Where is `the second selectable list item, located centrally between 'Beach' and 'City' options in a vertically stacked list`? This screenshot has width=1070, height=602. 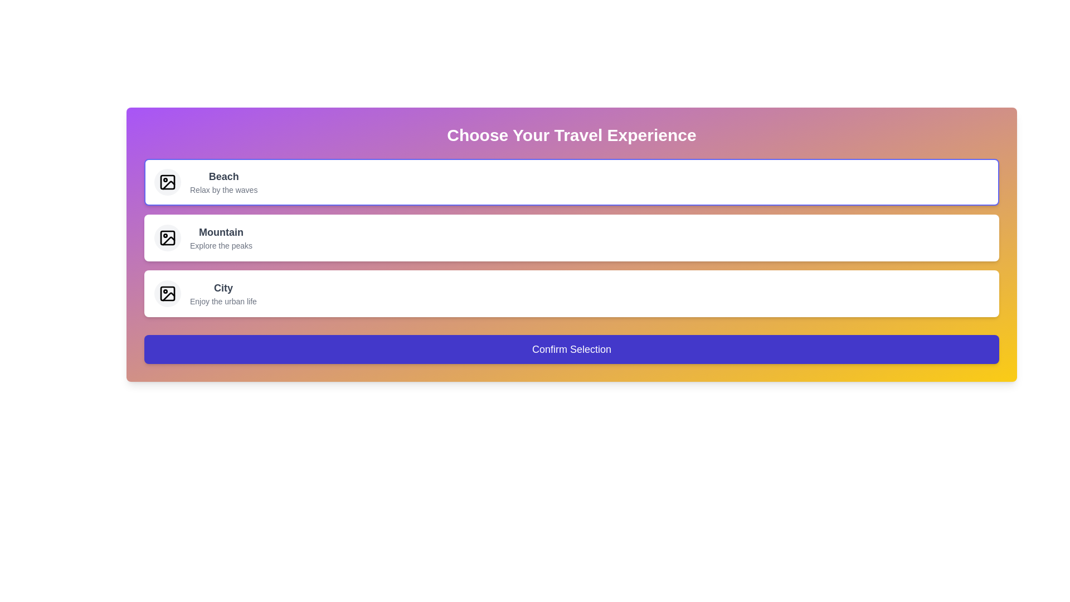 the second selectable list item, located centrally between 'Beach' and 'City' options in a vertically stacked list is located at coordinates (572, 237).